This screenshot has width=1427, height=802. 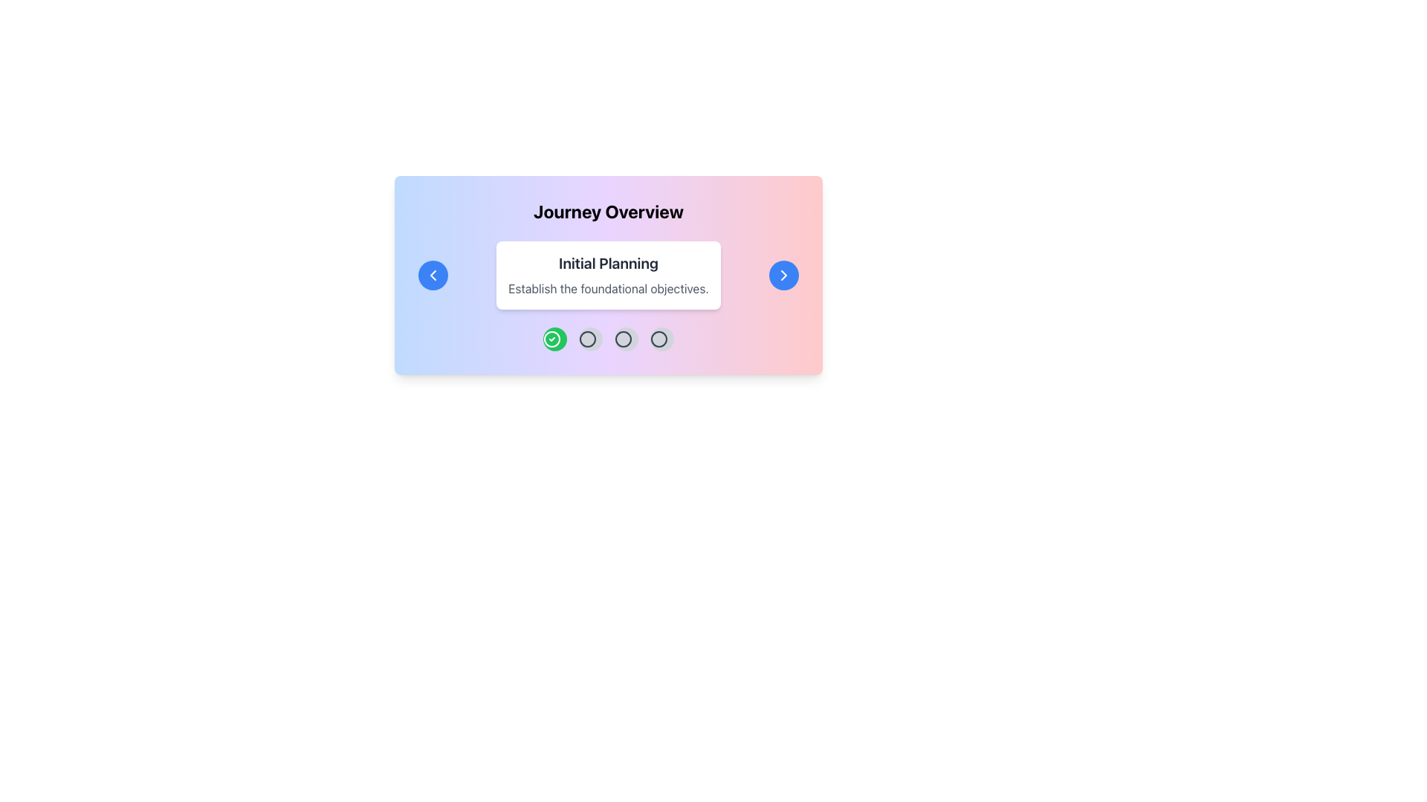 I want to click on the second circular button with a gray background and dark gray outline located below the 'Initial Planning' section, so click(x=590, y=339).